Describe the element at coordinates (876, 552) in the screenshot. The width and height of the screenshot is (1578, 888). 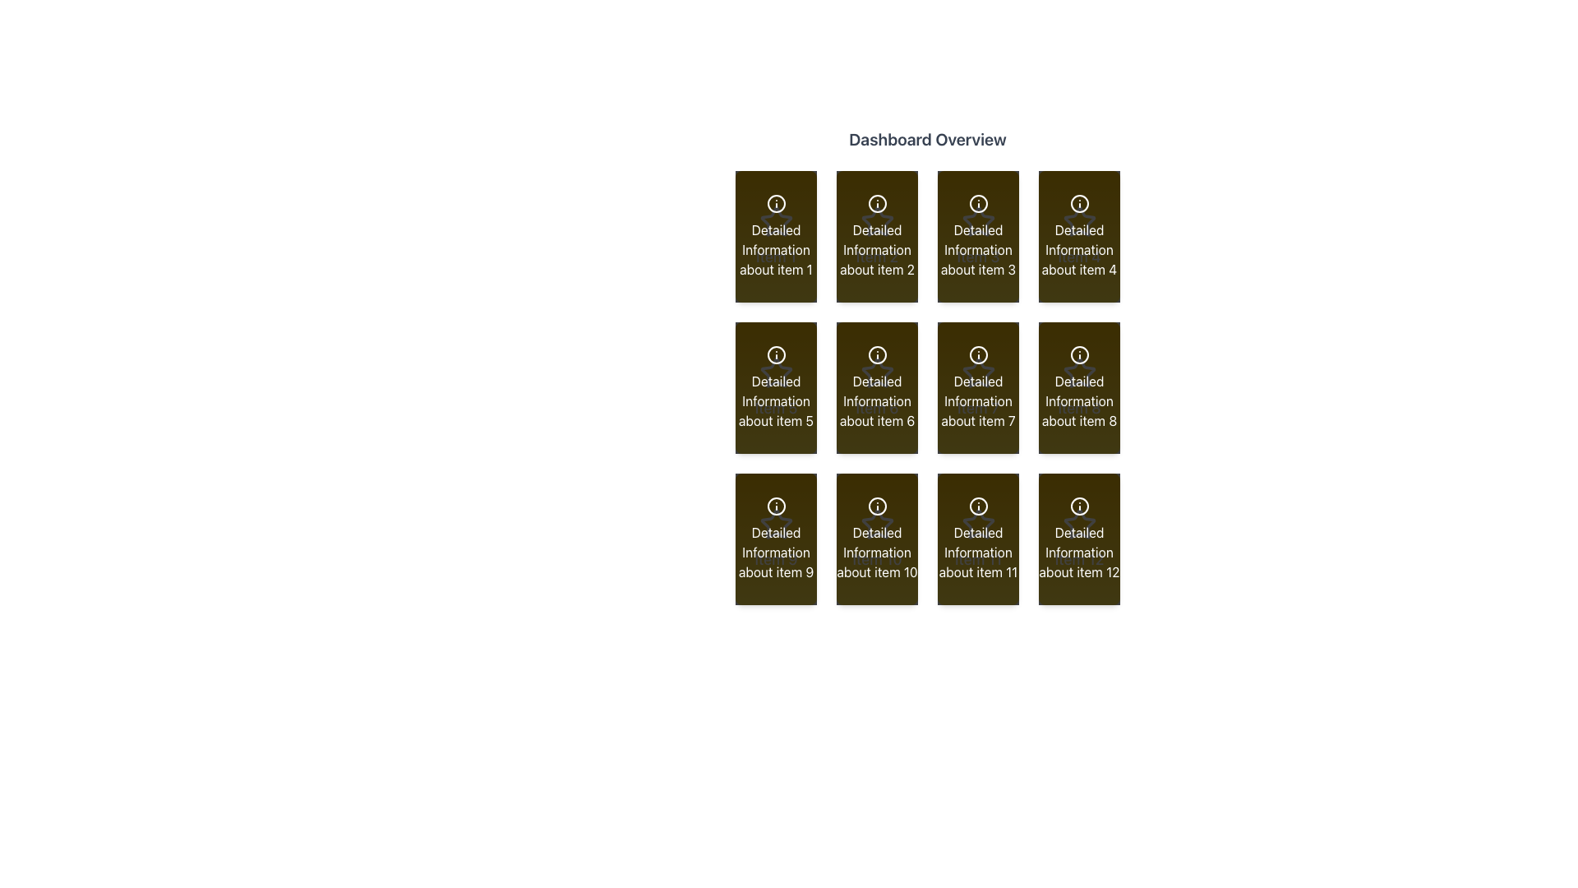
I see `the text label that provides information about 'Item 10', located at the bottom-center of its card in the second column of the last row` at that location.